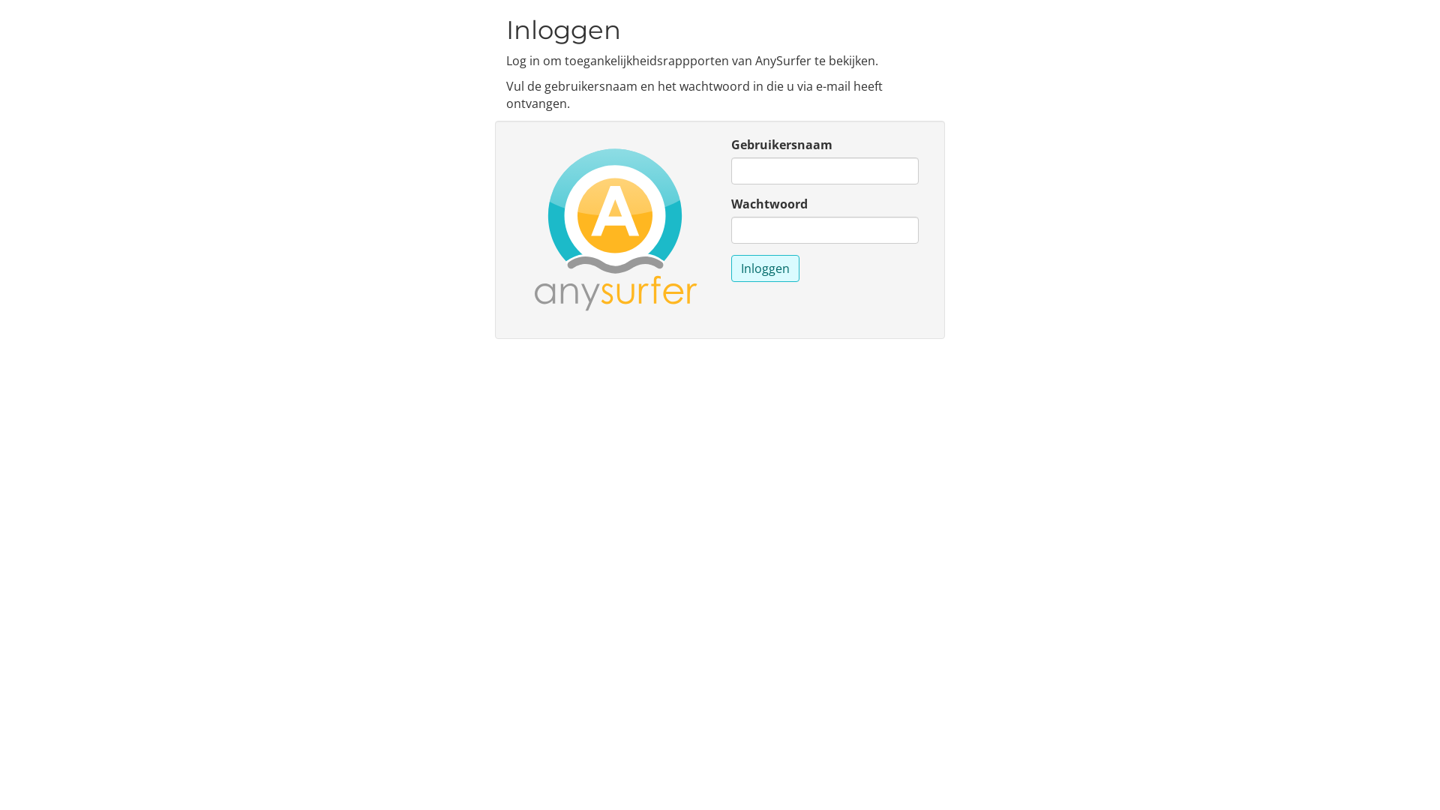 This screenshot has height=810, width=1440. Describe the element at coordinates (765, 268) in the screenshot. I see `'Inloggen'` at that location.